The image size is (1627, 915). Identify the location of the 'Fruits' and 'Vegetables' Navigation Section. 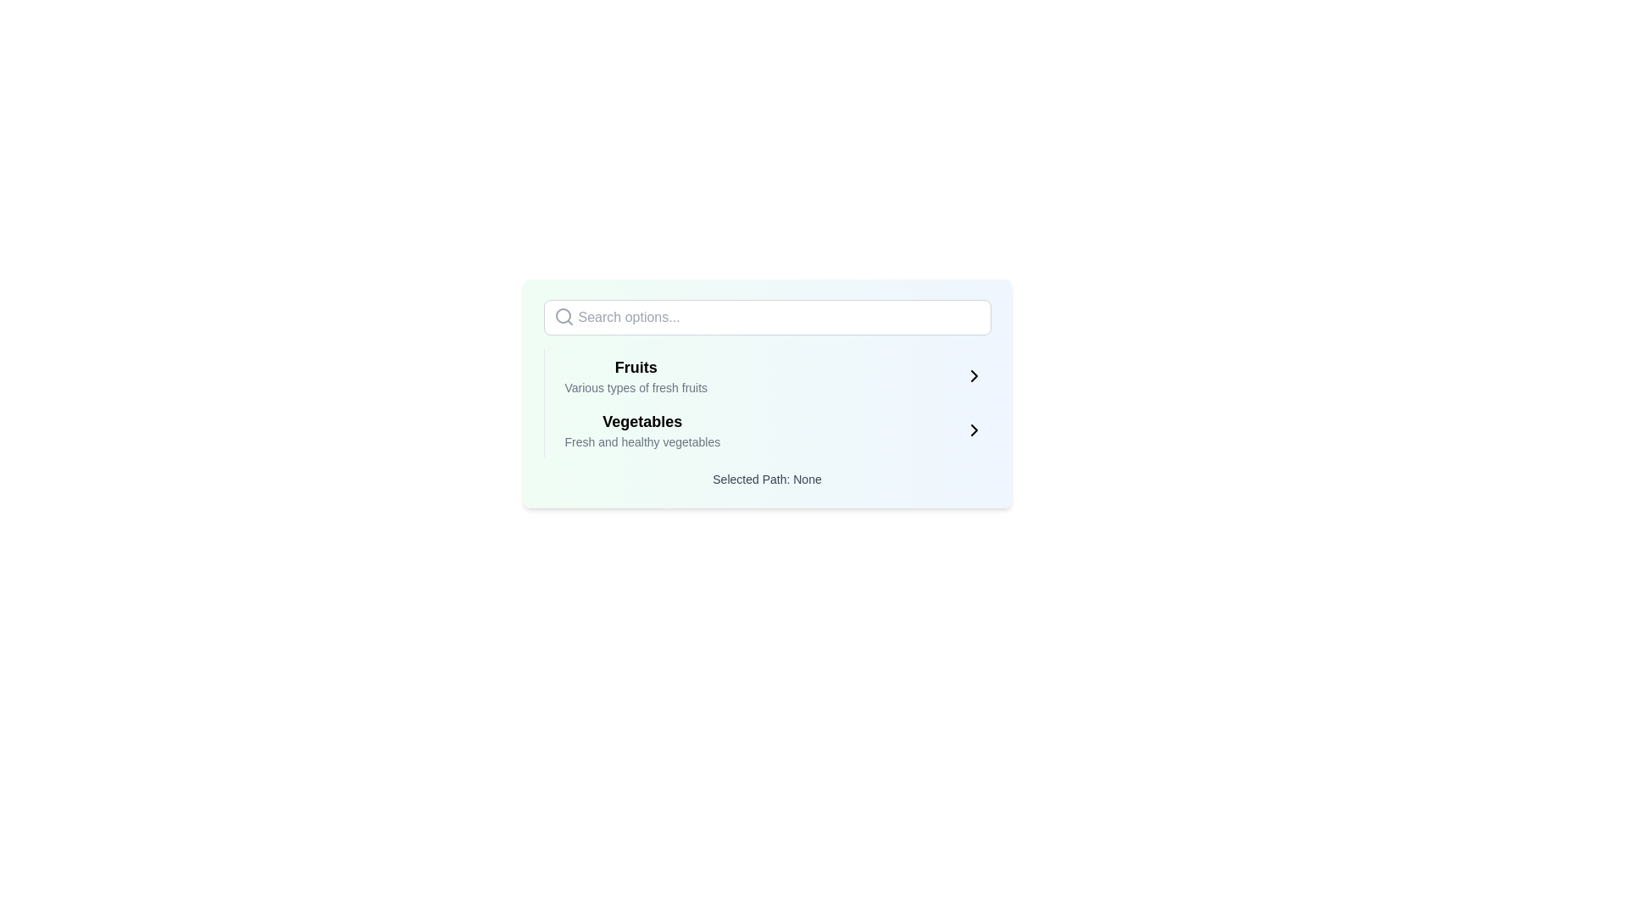
(766, 402).